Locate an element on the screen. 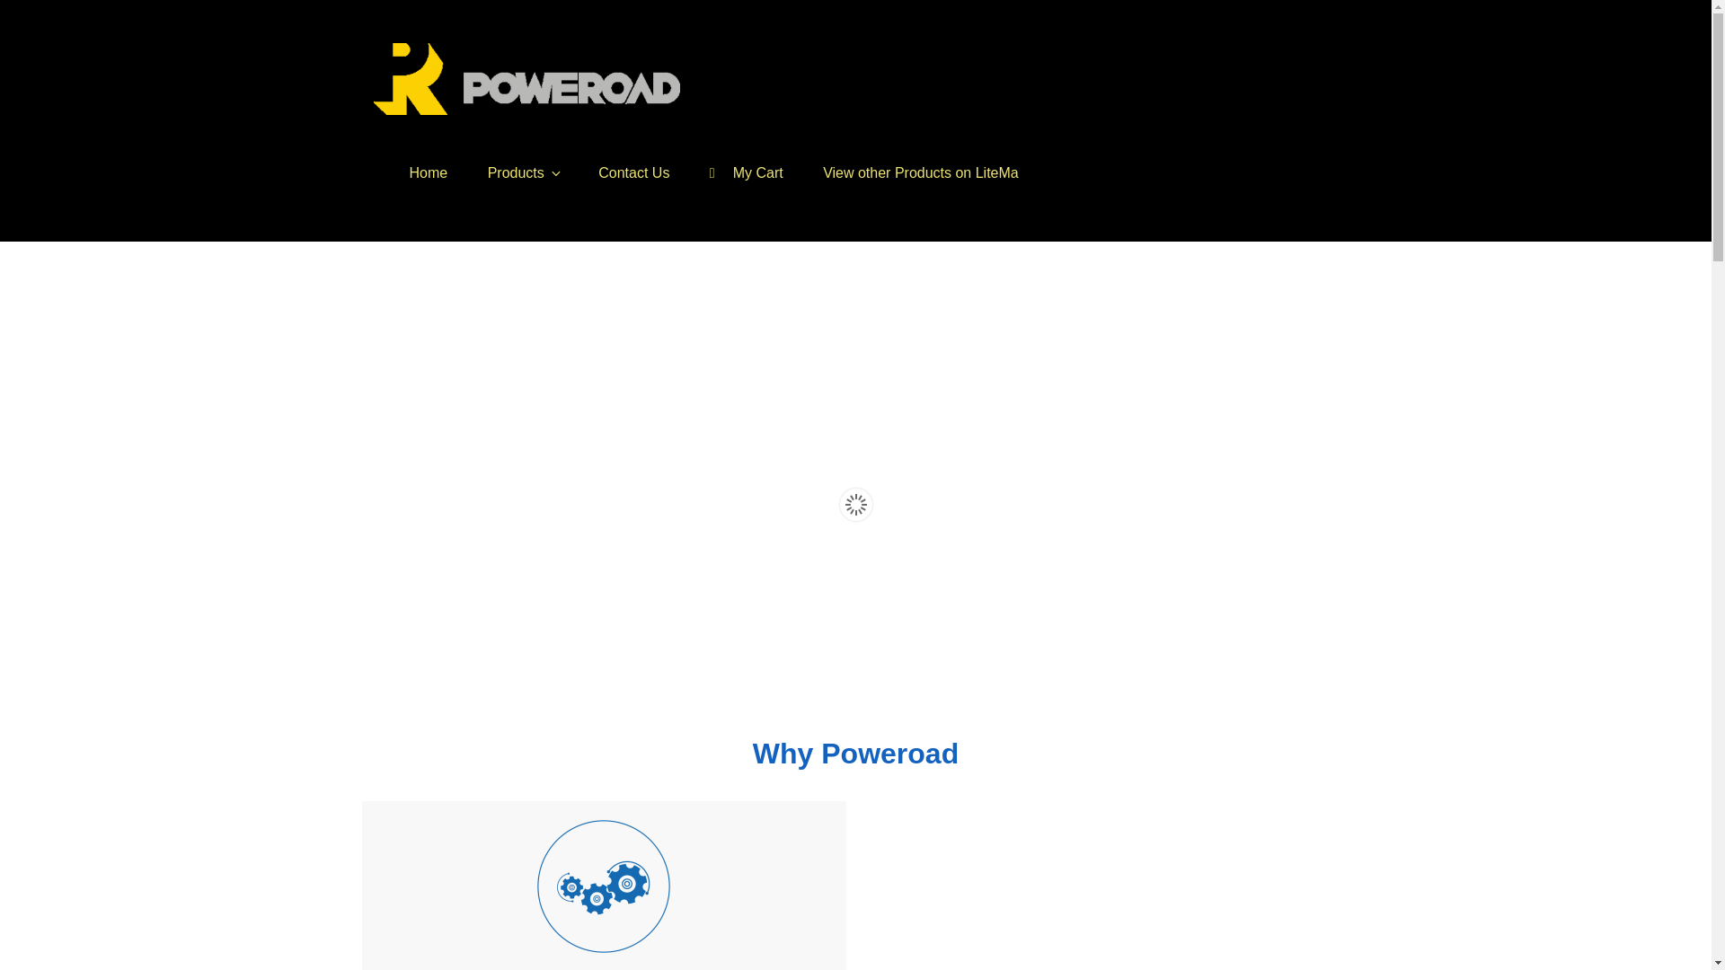  'Products' is located at coordinates (522, 172).